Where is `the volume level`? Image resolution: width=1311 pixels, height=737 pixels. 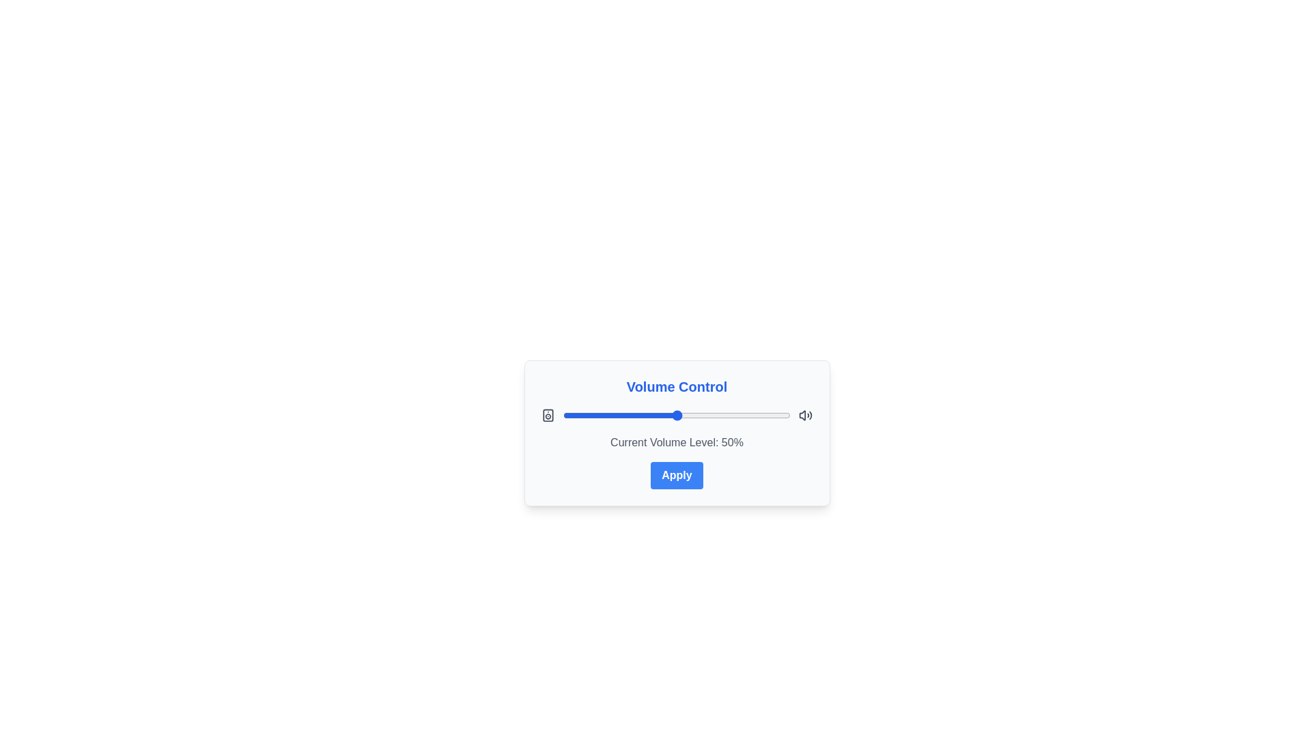
the volume level is located at coordinates (697, 415).